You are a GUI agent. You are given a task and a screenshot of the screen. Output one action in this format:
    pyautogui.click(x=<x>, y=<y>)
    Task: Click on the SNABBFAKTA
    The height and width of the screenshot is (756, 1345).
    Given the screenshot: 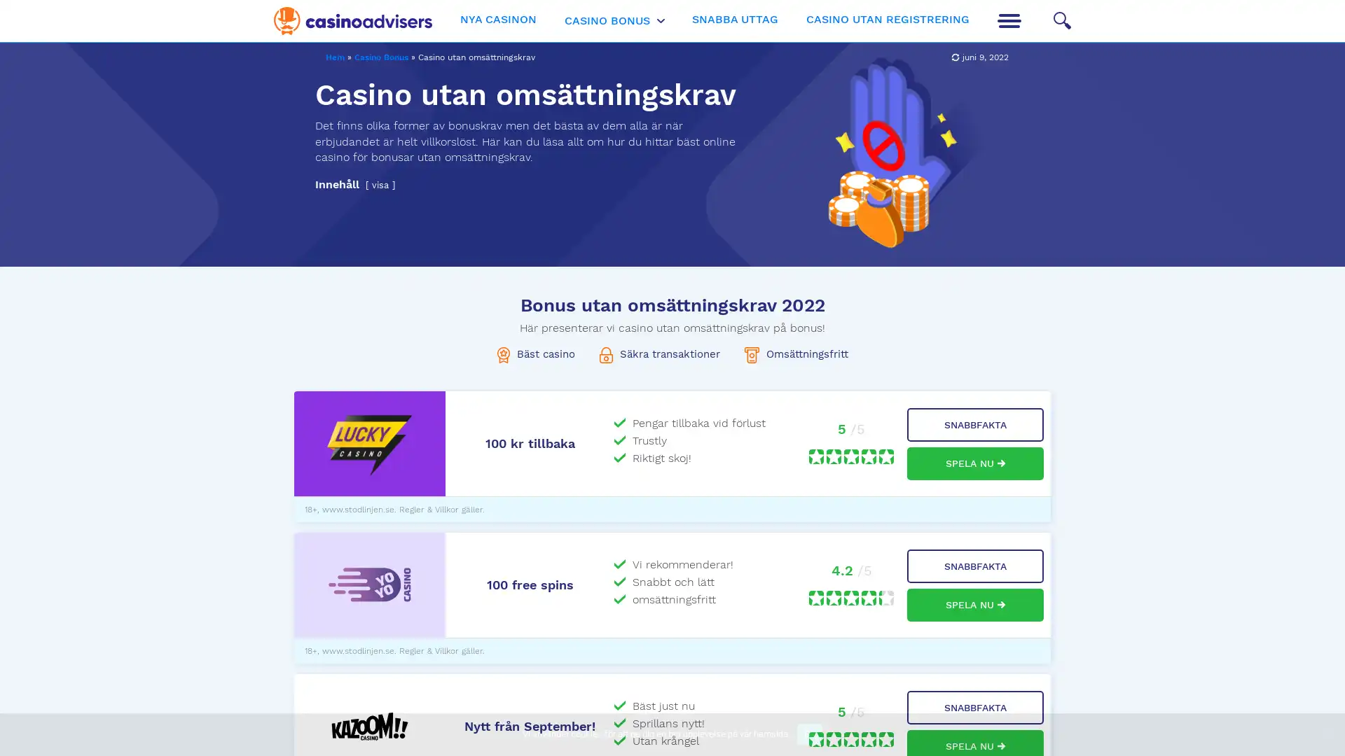 What is the action you would take?
    pyautogui.click(x=974, y=707)
    